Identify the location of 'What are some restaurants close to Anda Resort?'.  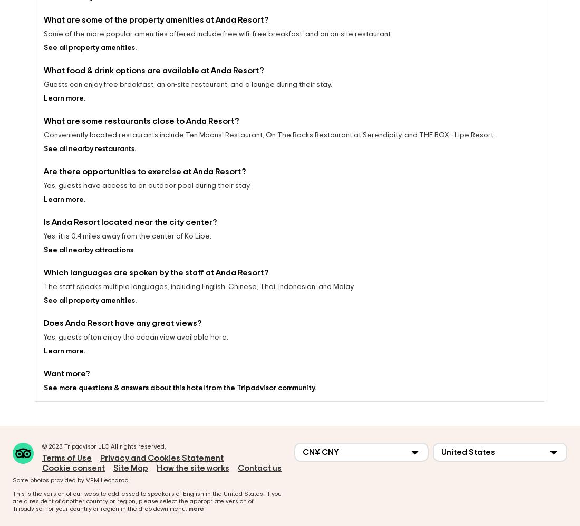
(141, 111).